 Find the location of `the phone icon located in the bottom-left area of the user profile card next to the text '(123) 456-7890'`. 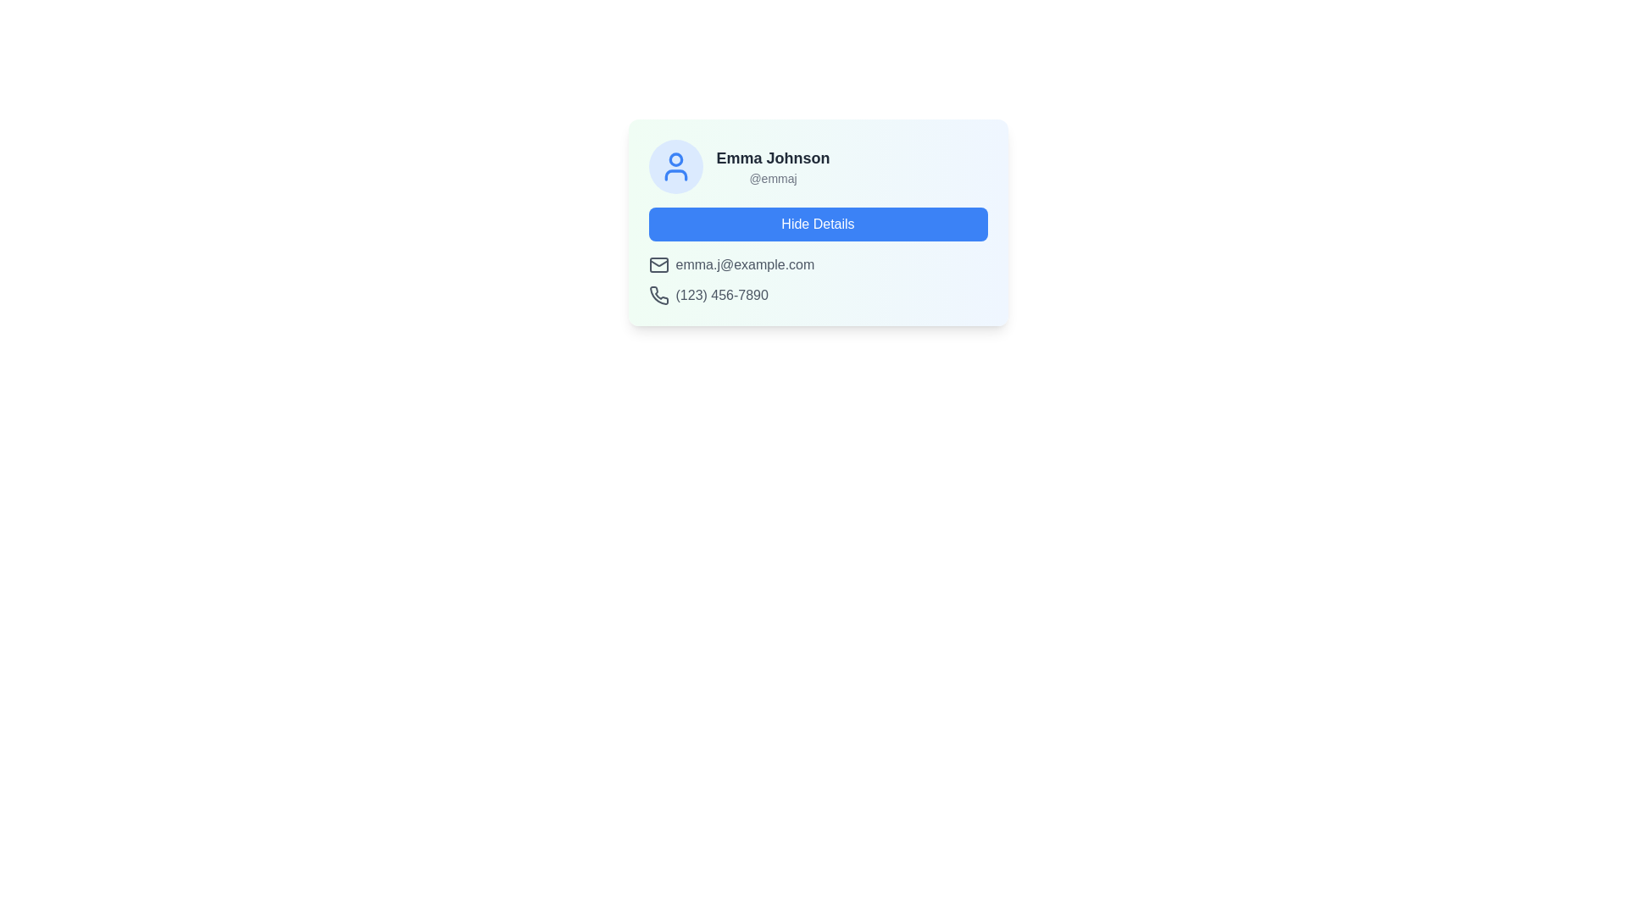

the phone icon located in the bottom-left area of the user profile card next to the text '(123) 456-7890' is located at coordinates (658, 294).